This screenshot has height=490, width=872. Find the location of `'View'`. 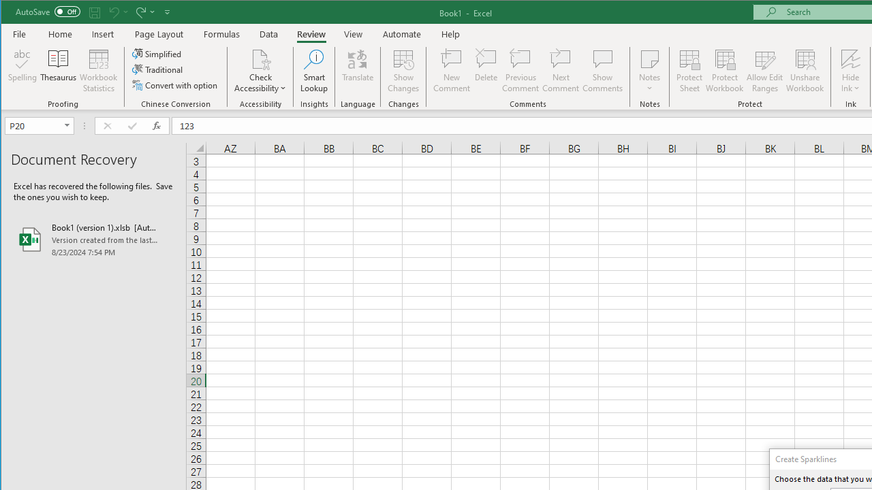

'View' is located at coordinates (354, 33).